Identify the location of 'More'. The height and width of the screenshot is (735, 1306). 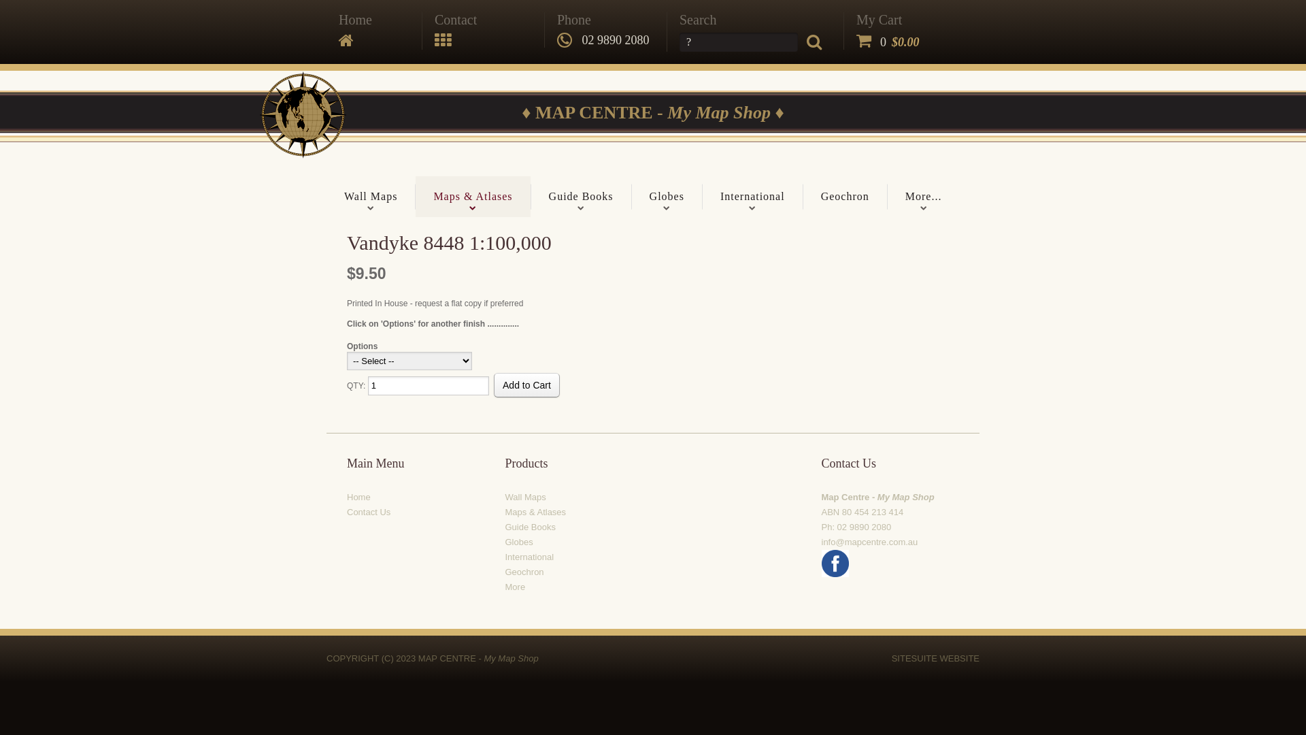
(514, 586).